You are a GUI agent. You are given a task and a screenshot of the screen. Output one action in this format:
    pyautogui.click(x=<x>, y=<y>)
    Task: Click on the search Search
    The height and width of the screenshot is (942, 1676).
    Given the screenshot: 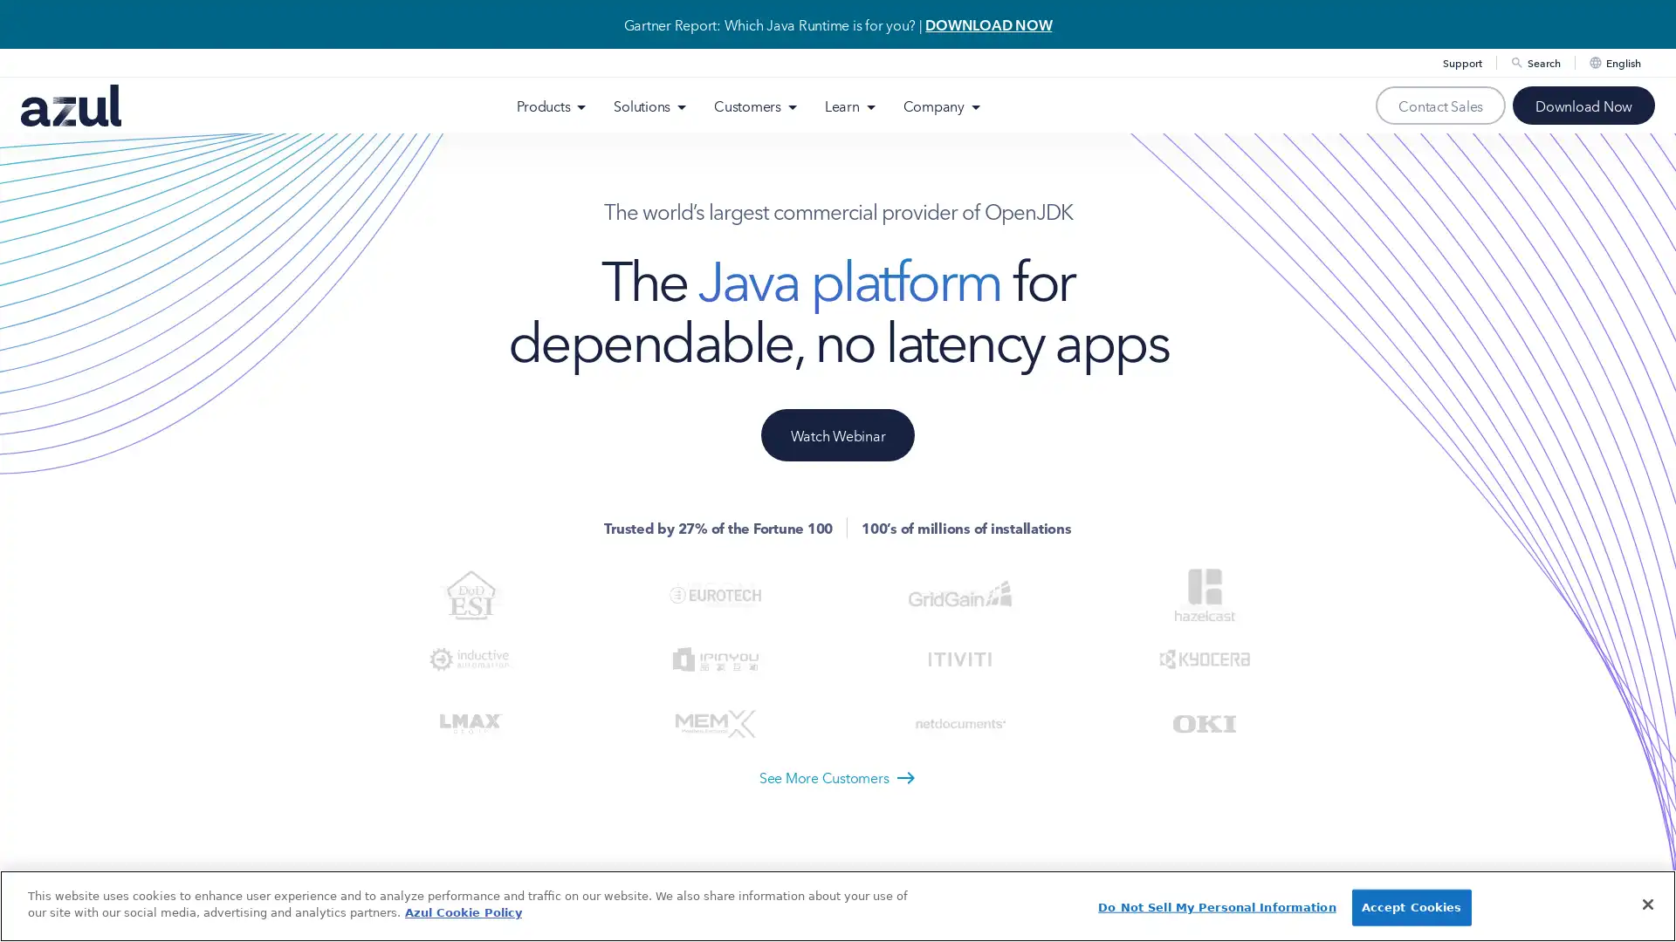 What is the action you would take?
    pyautogui.click(x=1534, y=62)
    